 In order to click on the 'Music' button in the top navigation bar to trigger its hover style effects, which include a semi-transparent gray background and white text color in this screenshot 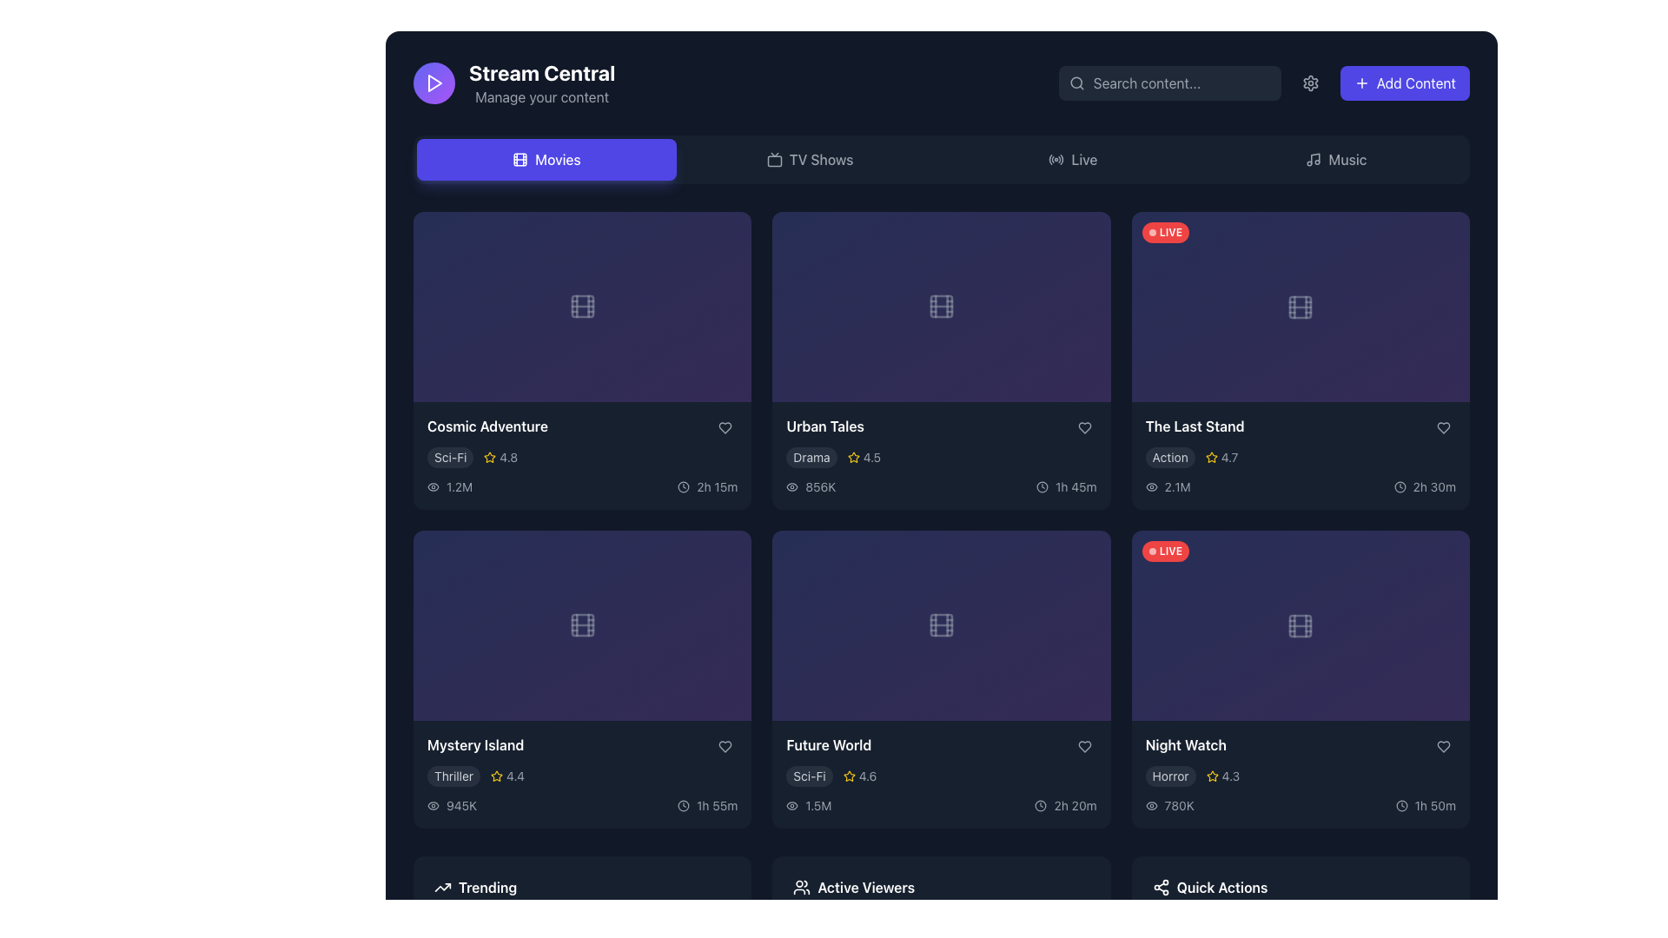, I will do `click(1335, 160)`.